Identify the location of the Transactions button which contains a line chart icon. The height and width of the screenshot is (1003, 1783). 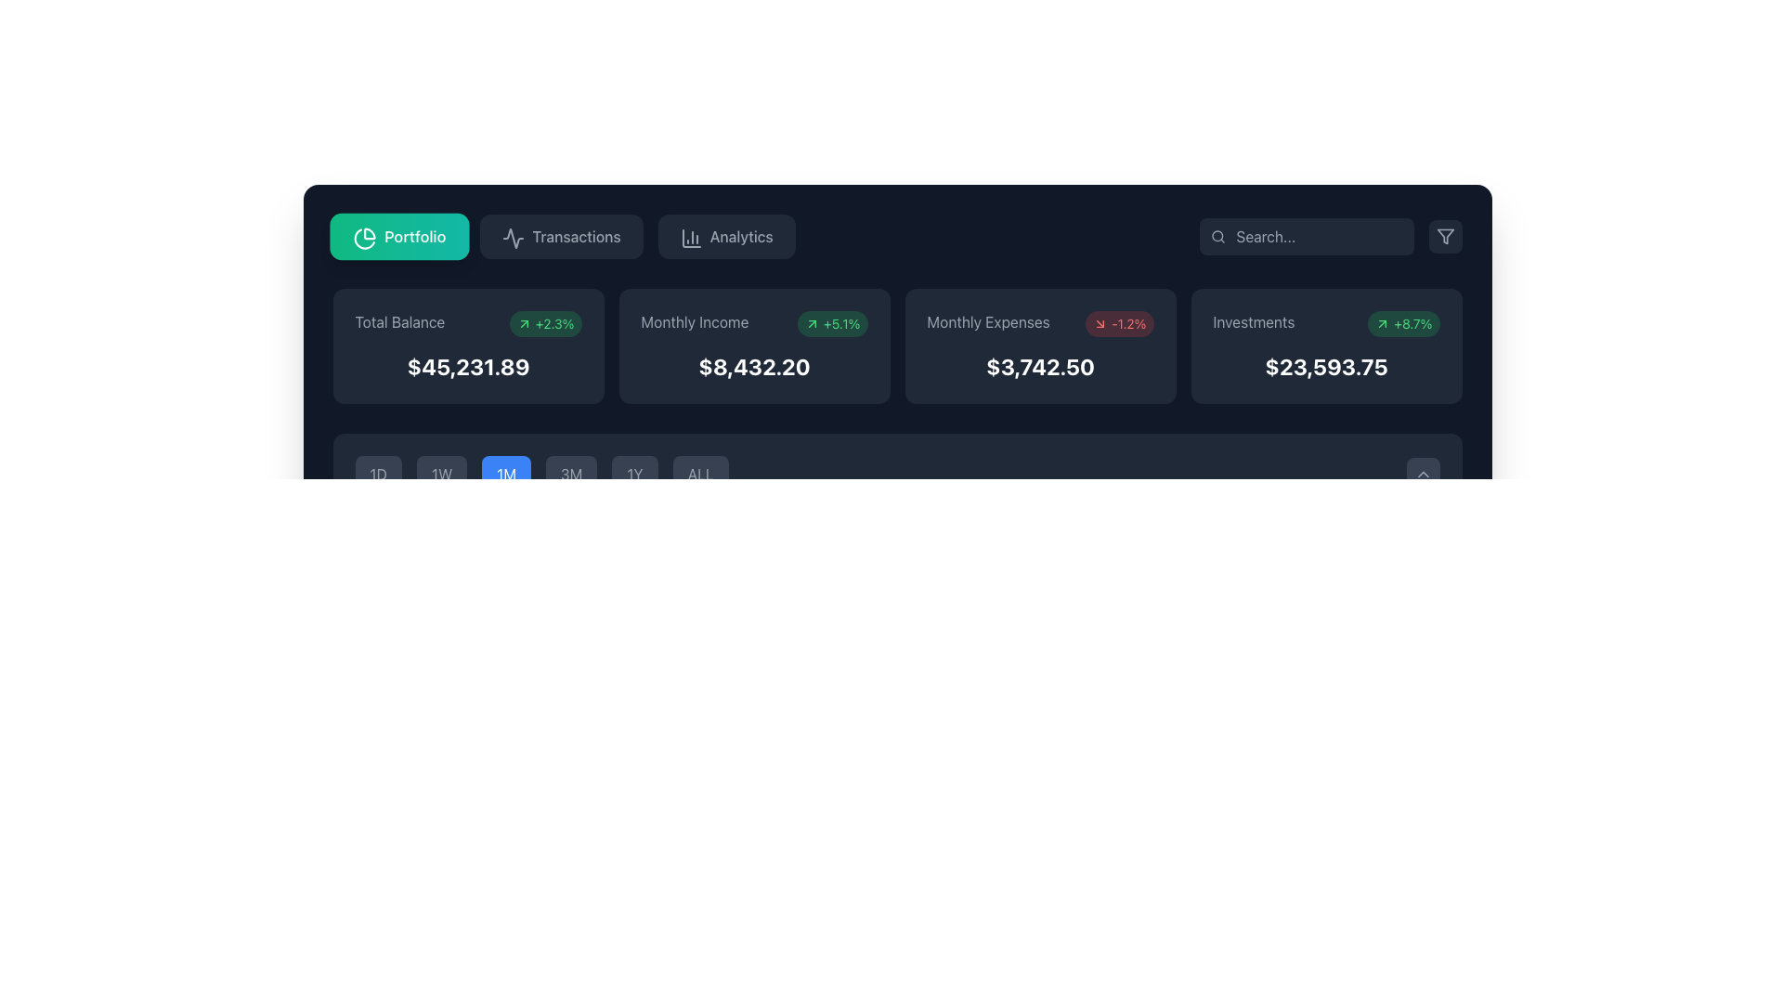
(514, 238).